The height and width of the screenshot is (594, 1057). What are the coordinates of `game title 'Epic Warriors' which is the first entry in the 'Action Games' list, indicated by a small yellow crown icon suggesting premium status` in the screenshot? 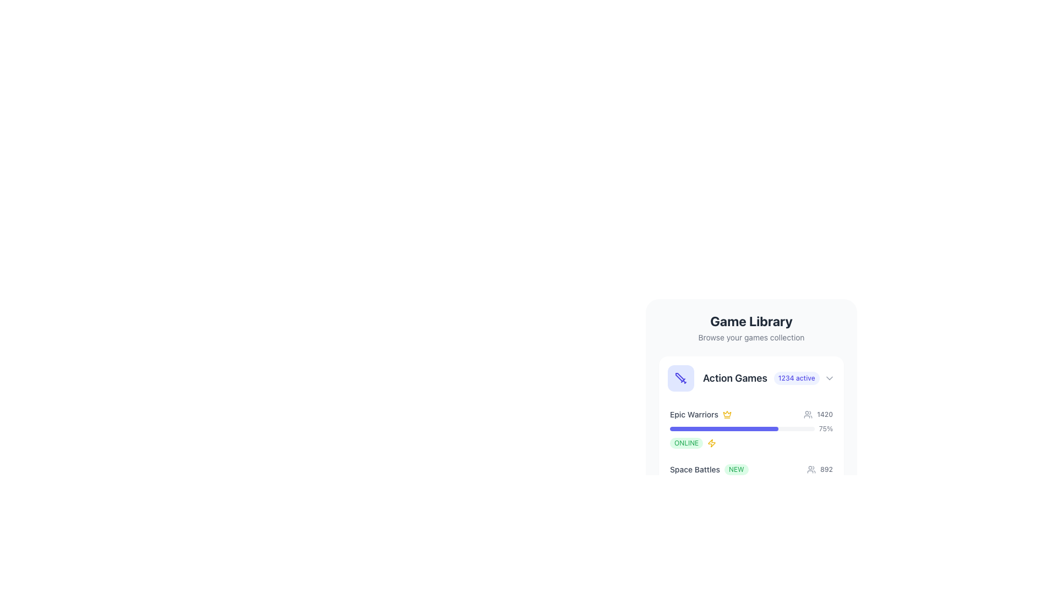 It's located at (700, 414).